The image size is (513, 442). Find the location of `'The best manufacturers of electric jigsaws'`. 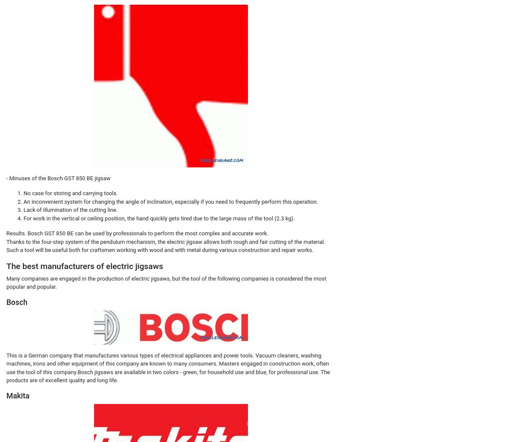

'The best manufacturers of electric jigsaws' is located at coordinates (6, 265).